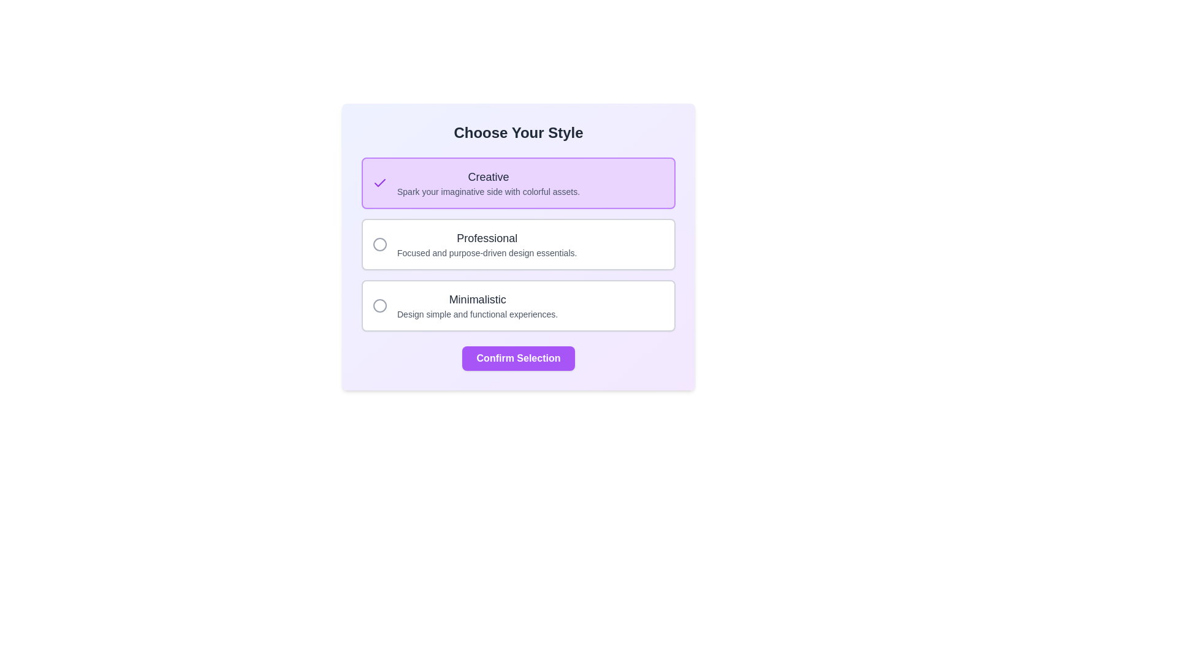 This screenshot has width=1177, height=662. What do you see at coordinates (477, 300) in the screenshot?
I see `header text labeled 'Minimalistic' which is styled with a larger font size, medium weight, and gray color, located at the center bottom segment of the interface` at bounding box center [477, 300].